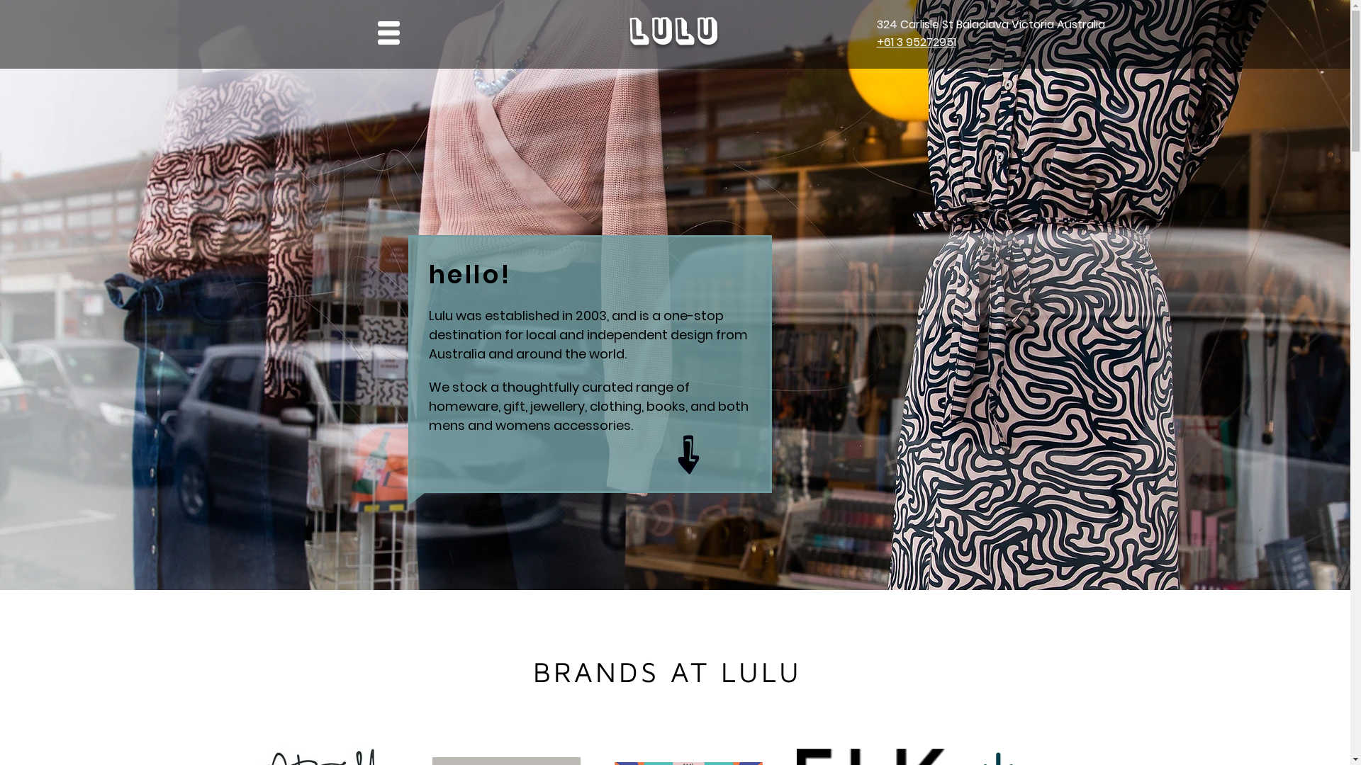 The image size is (1361, 765). Describe the element at coordinates (915, 41) in the screenshot. I see `'+61 3 95272951'` at that location.